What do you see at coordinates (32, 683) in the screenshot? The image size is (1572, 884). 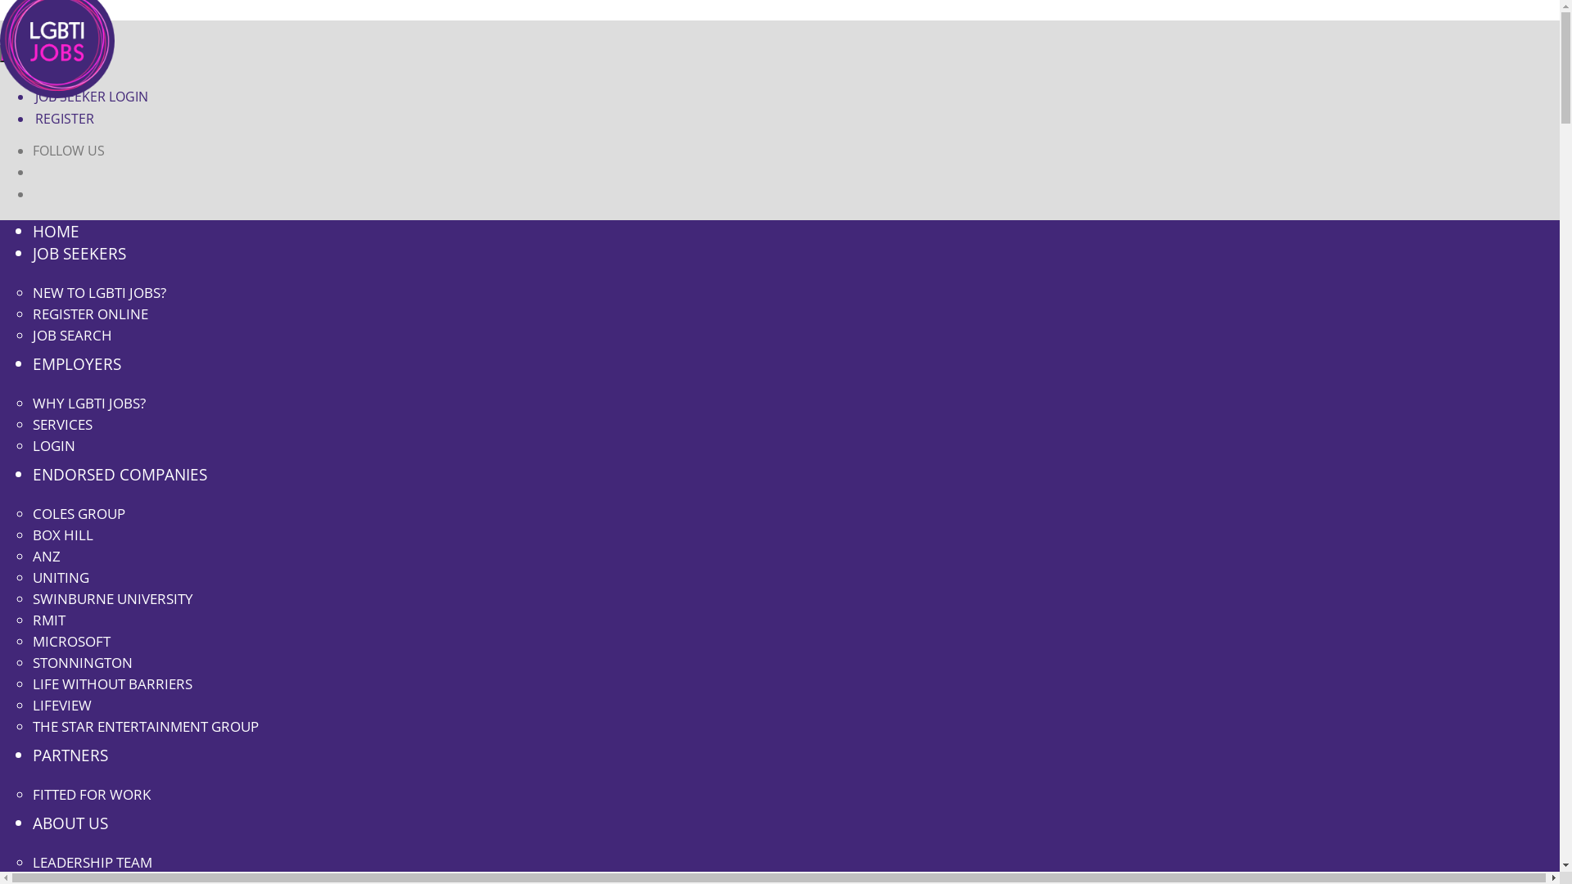 I see `'LIFE WITHOUT BARRIERS'` at bounding box center [32, 683].